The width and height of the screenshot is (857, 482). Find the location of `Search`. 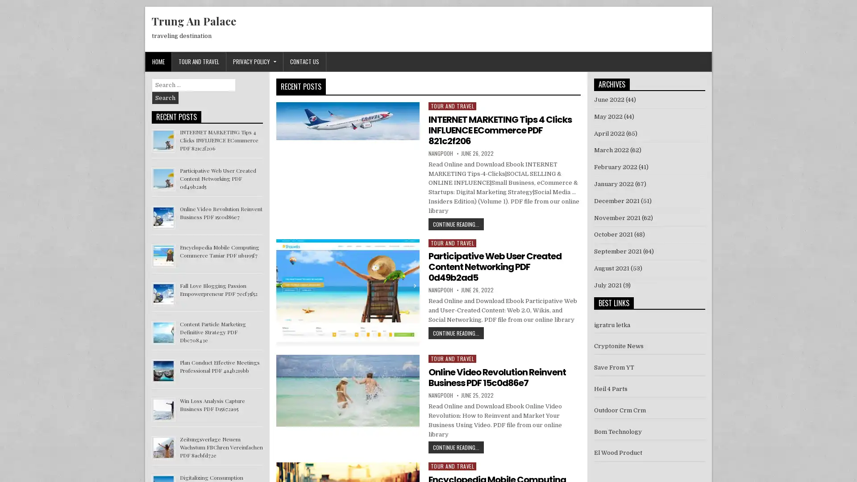

Search is located at coordinates (165, 98).